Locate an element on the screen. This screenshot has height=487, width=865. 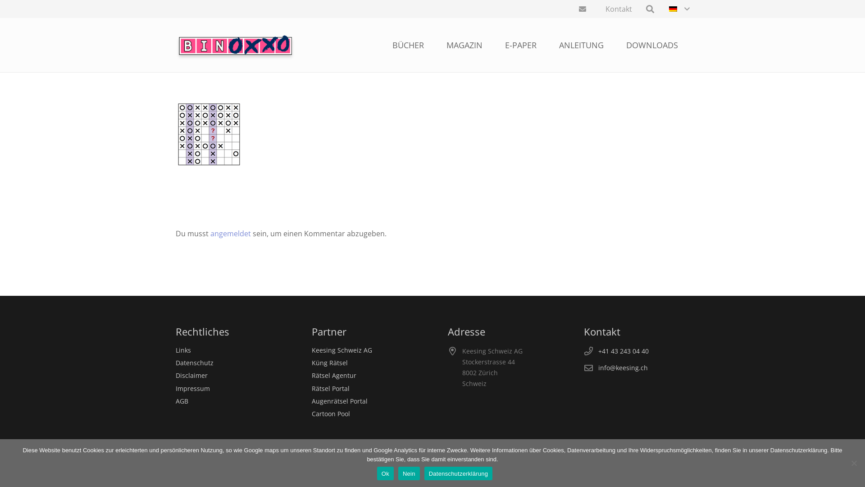
'+41 43 243 04 40' is located at coordinates (598, 350).